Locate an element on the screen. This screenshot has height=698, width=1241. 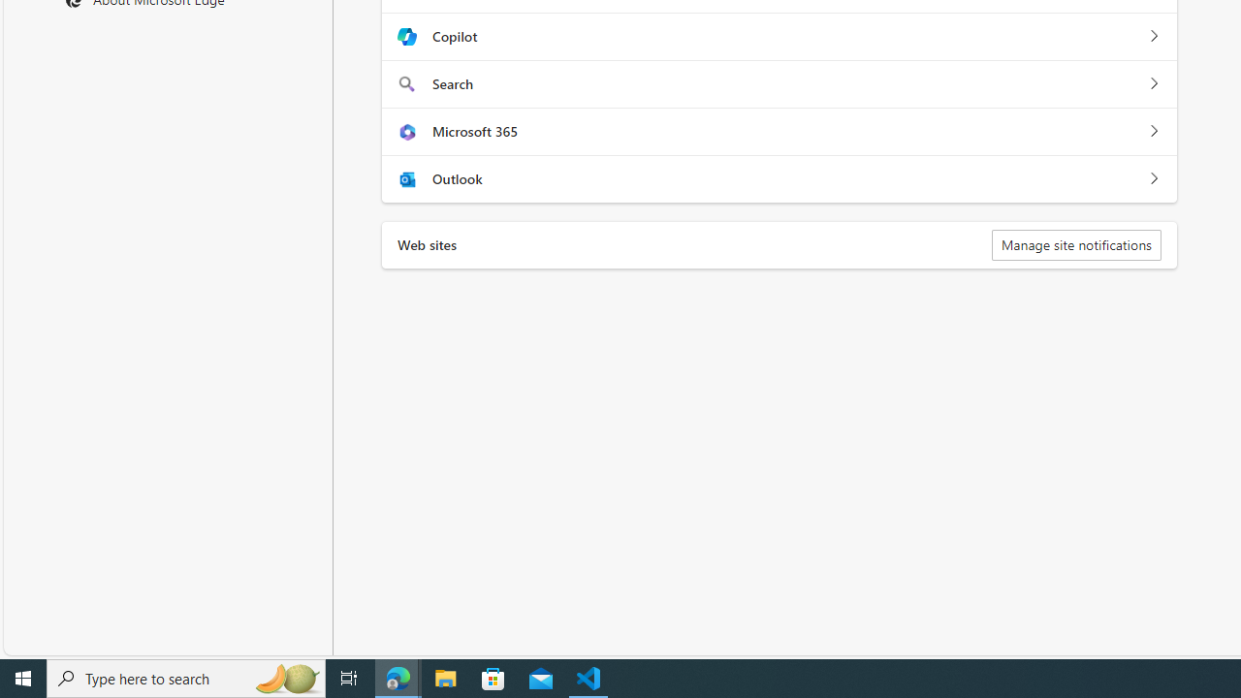
'Search highlights icon opens search home window' is located at coordinates (285, 677).